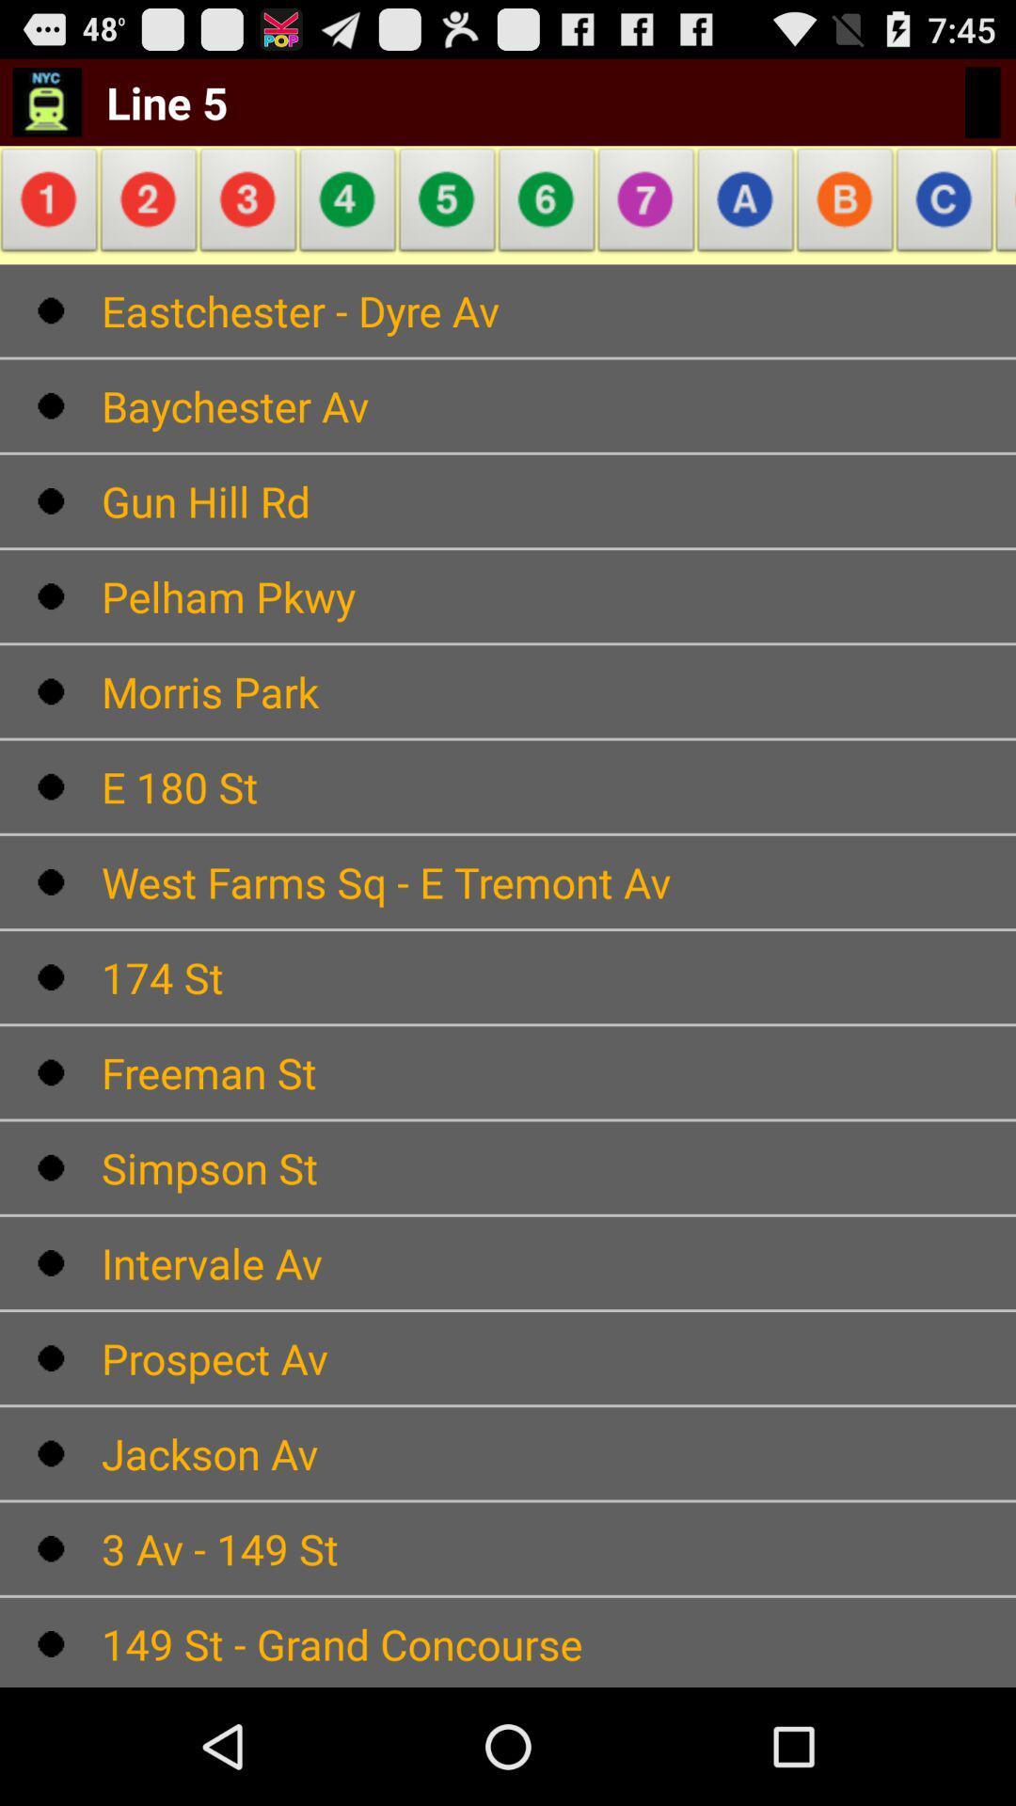  What do you see at coordinates (558, 594) in the screenshot?
I see `the text which is below gun hill rd` at bounding box center [558, 594].